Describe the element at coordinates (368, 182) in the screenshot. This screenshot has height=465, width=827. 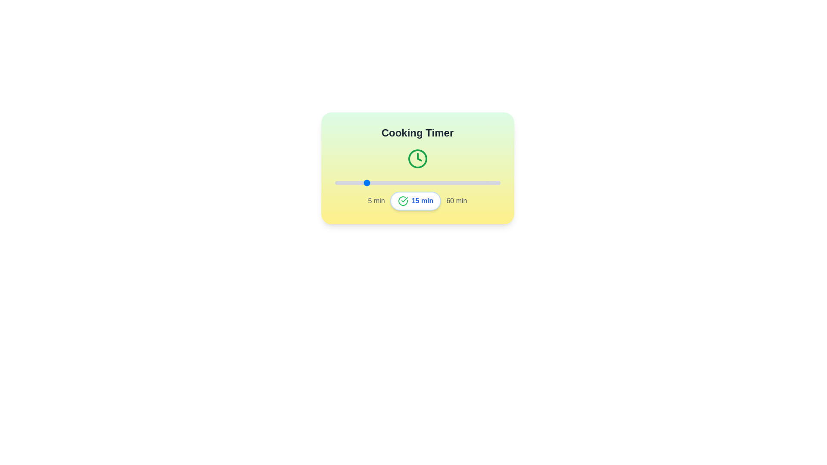
I see `slider` at that location.